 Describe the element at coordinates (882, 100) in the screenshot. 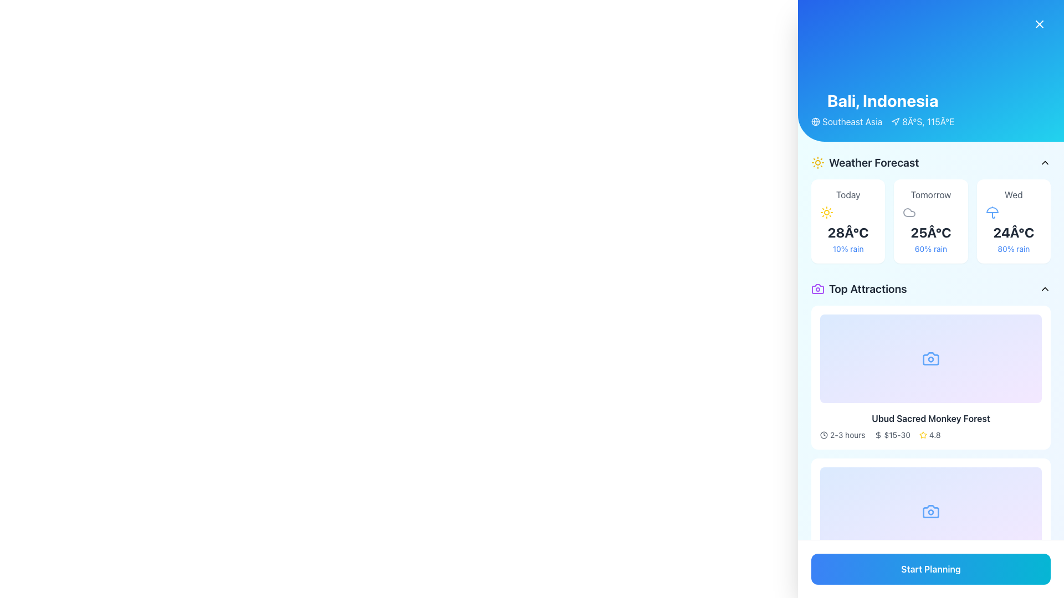

I see `displayed location name 'Bali, Indonesia' from the text element located at the top of the geographic and weather information section` at that location.